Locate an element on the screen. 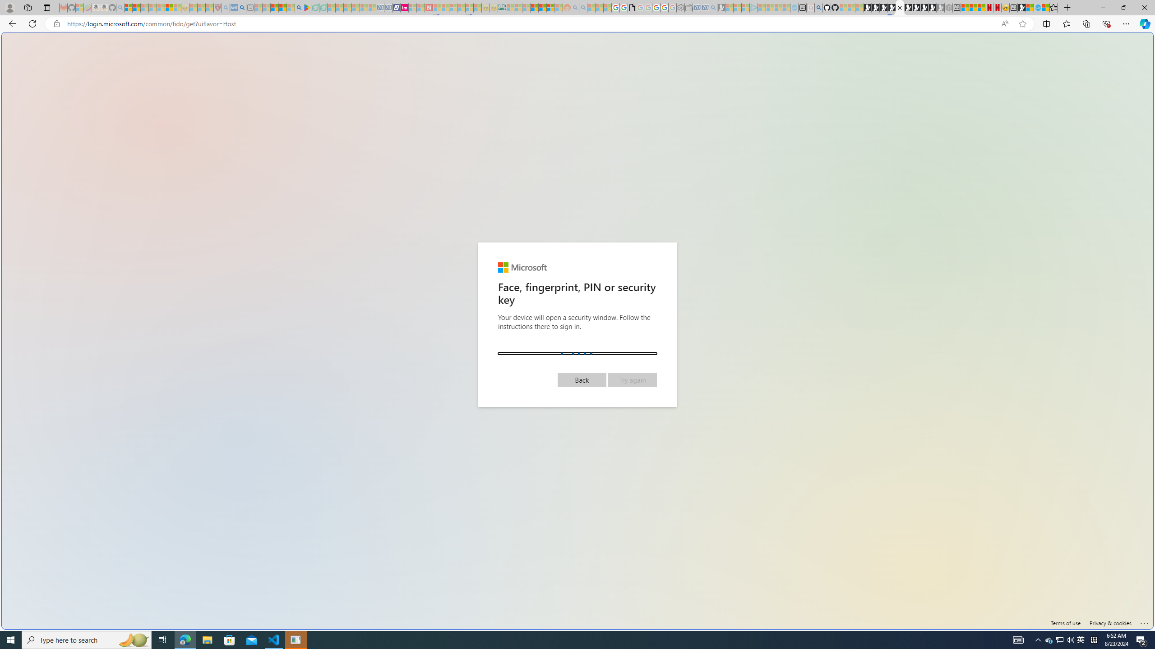 The height and width of the screenshot is (649, 1155). 'World - MSN' is located at coordinates (1030, 7).